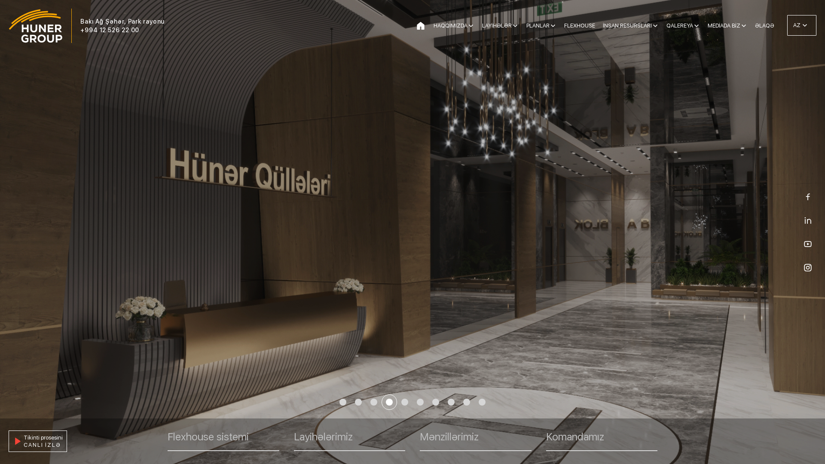  What do you see at coordinates (474, 402) in the screenshot?
I see `'10'` at bounding box center [474, 402].